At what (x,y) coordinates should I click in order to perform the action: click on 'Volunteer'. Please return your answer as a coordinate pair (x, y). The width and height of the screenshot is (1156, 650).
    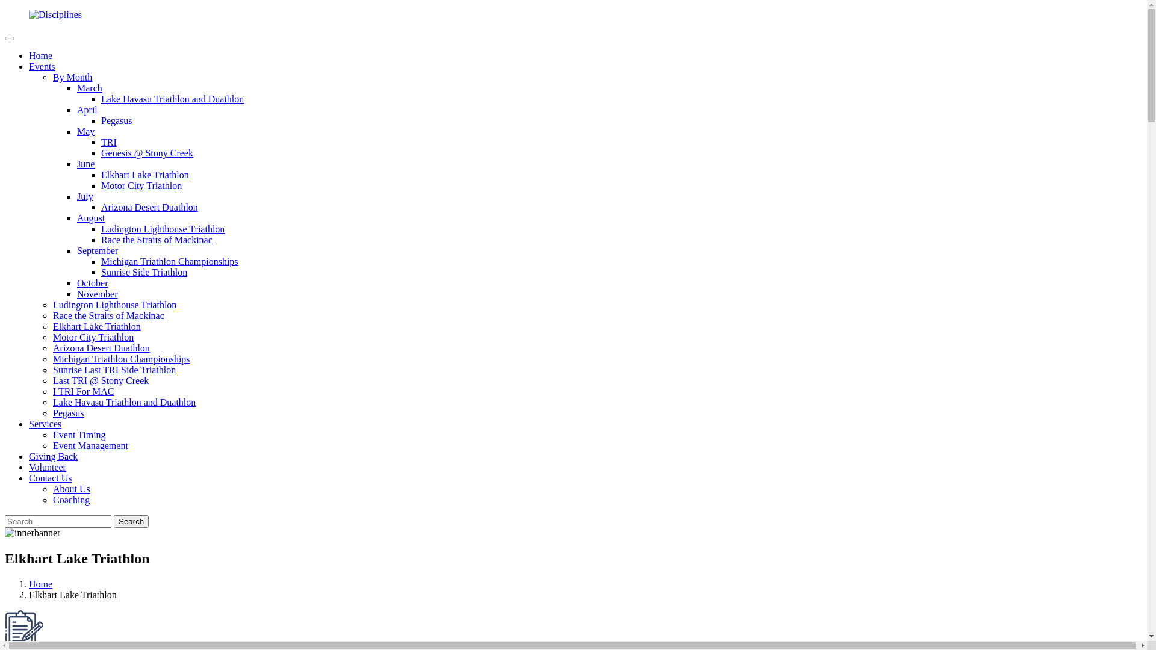
    Looking at the image, I should click on (47, 466).